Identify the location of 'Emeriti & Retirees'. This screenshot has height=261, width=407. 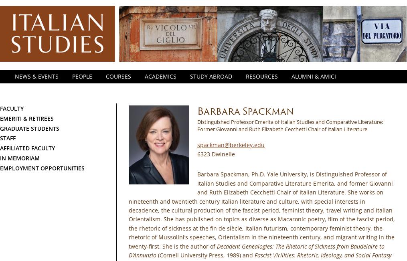
(26, 117).